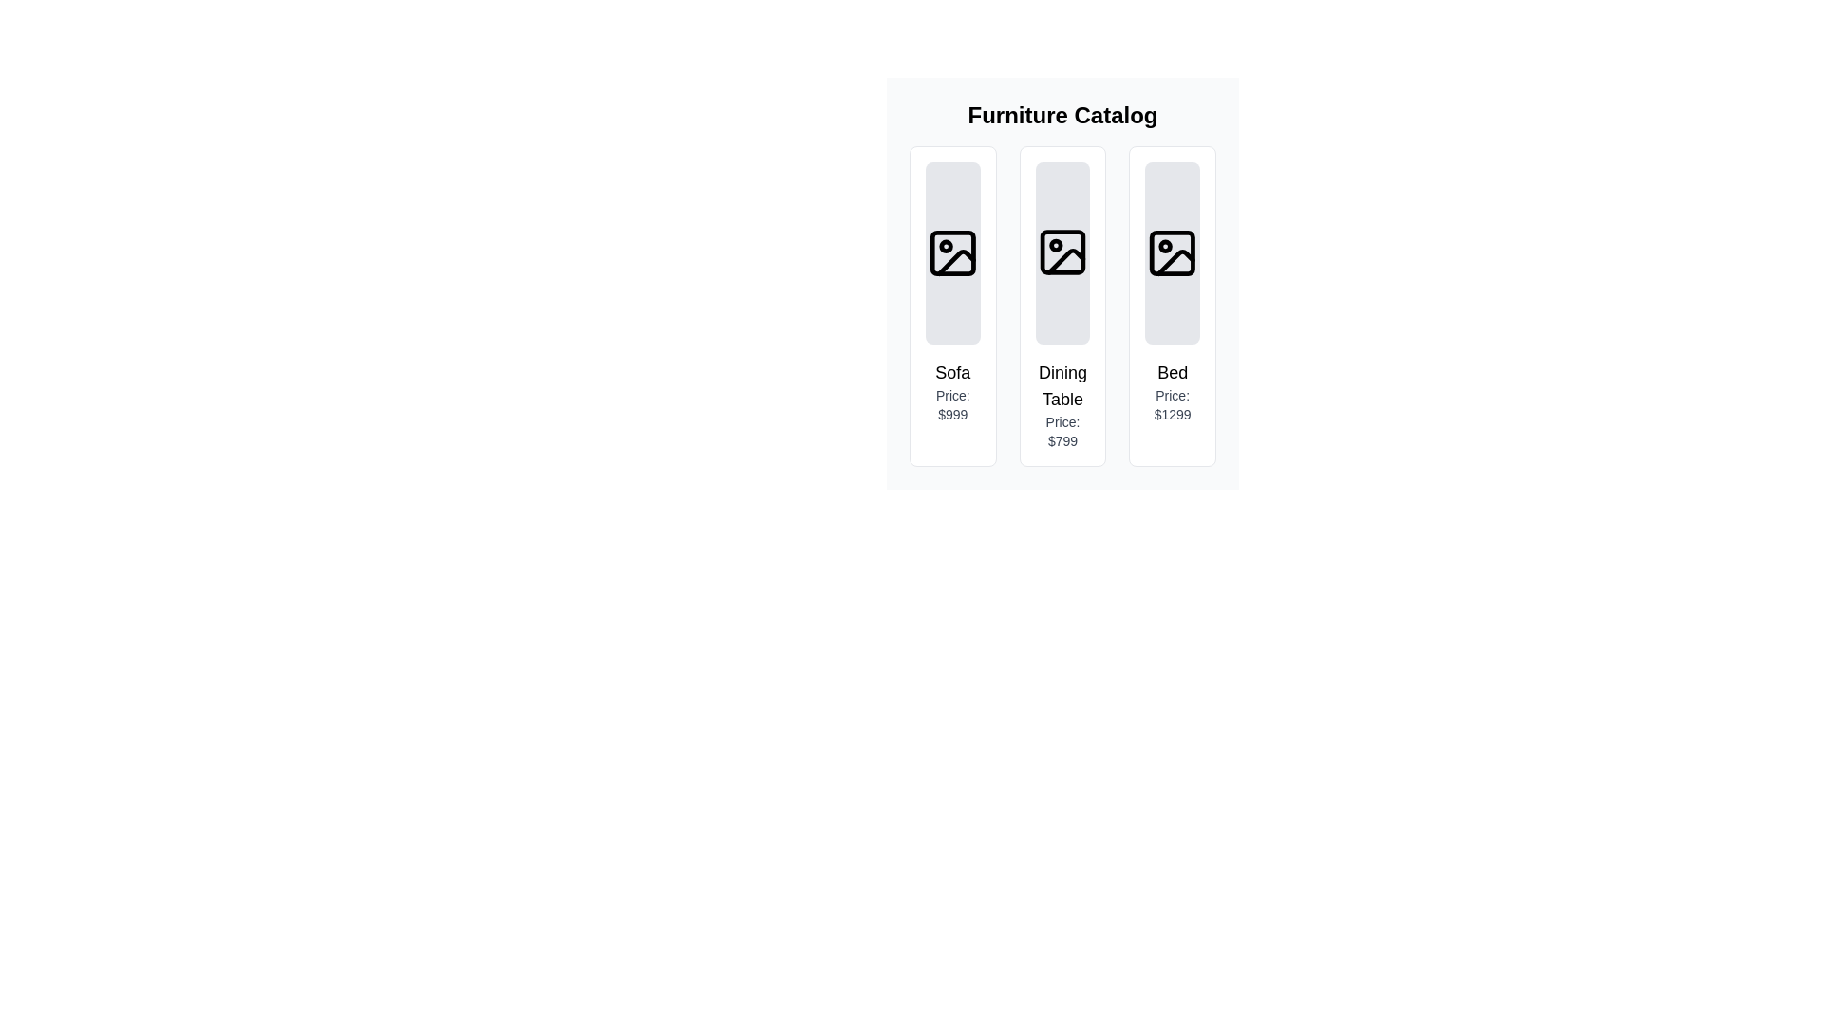  What do you see at coordinates (952, 252) in the screenshot?
I see `the SVG Shape - Rounded Rectangle that visually represents part of an image icon, located within the first item of a horizontal row in a grid-like layout` at bounding box center [952, 252].